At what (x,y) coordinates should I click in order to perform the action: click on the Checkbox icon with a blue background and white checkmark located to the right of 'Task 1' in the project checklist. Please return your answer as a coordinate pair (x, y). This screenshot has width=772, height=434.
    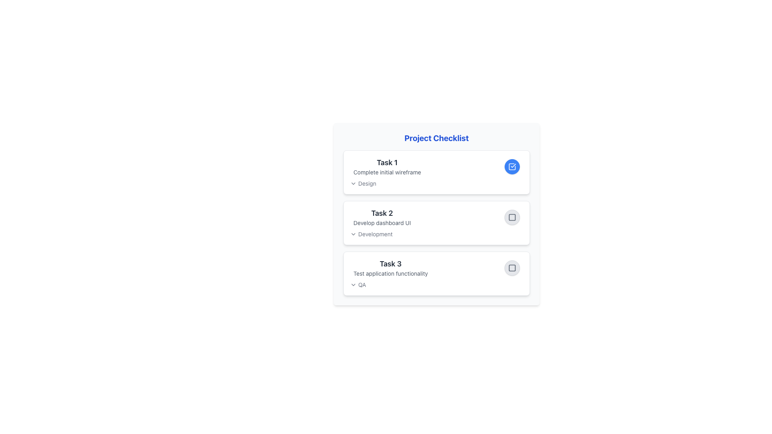
    Looking at the image, I should click on (511, 166).